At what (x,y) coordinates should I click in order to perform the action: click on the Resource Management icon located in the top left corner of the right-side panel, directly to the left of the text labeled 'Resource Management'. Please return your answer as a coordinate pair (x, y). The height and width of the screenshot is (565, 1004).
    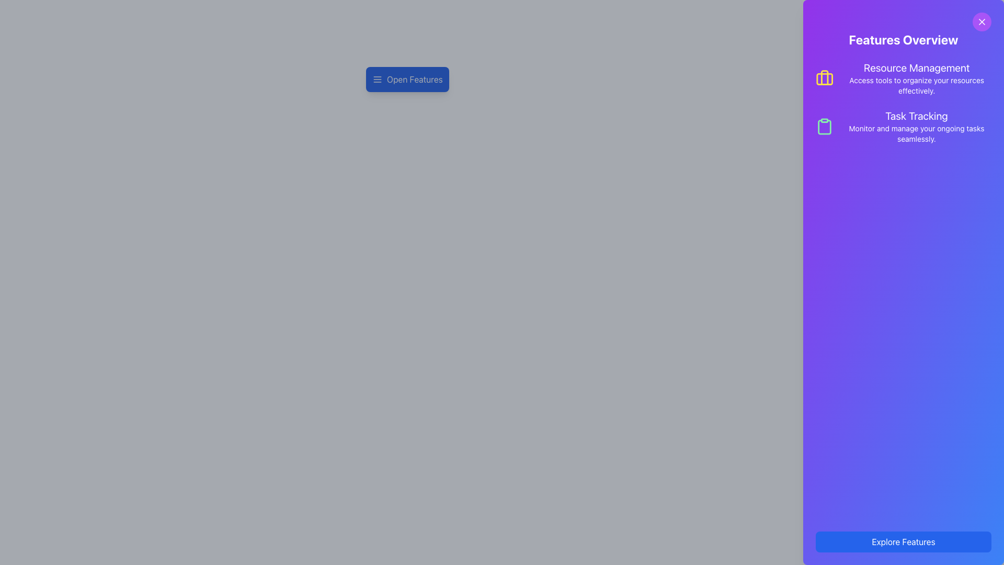
    Looking at the image, I should click on (824, 78).